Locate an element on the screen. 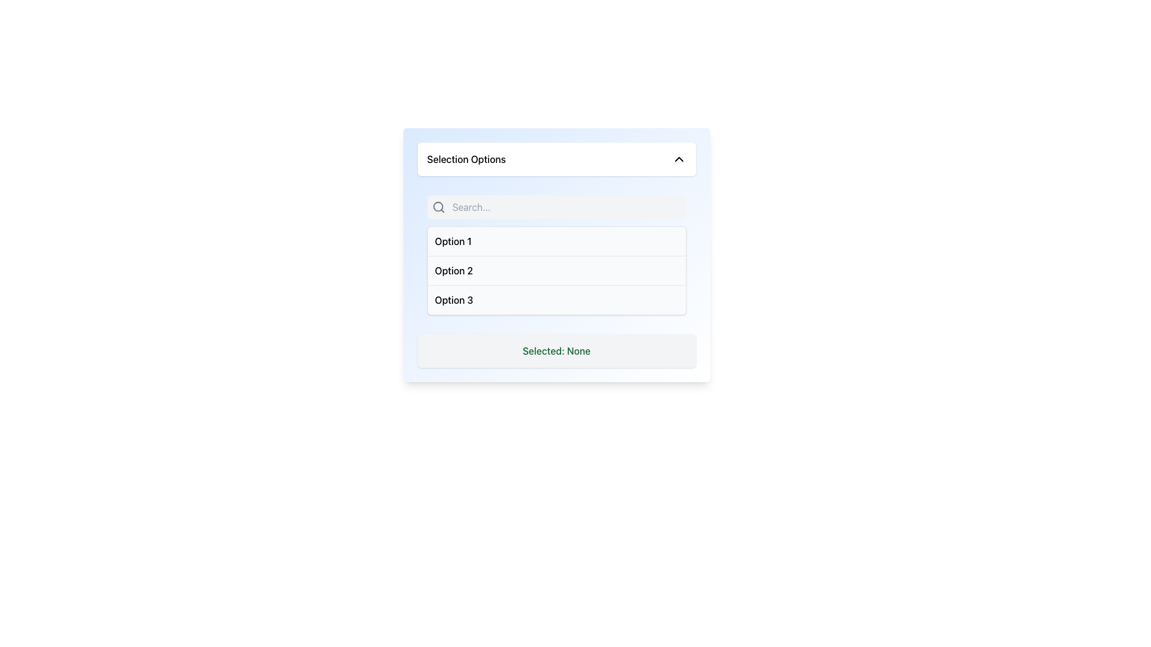  the first list item in the dropdown menu that displays 'Option 1' in bold style is located at coordinates (556, 241).